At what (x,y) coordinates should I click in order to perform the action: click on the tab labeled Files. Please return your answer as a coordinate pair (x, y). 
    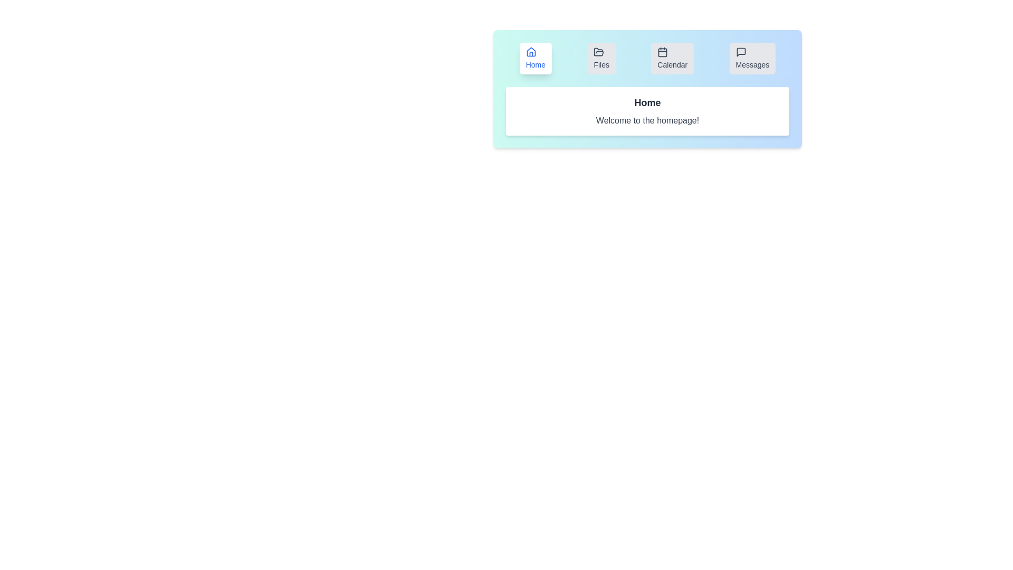
    Looking at the image, I should click on (601, 59).